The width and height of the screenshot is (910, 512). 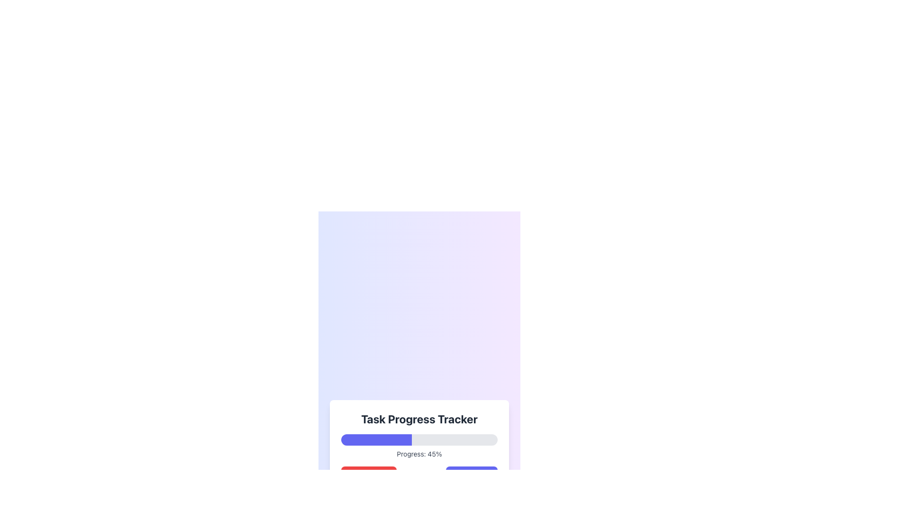 What do you see at coordinates (419, 475) in the screenshot?
I see `the Decrease button in the Horizontal button group below the progress bar labeled 'Progress: 45%' to reduce the value` at bounding box center [419, 475].